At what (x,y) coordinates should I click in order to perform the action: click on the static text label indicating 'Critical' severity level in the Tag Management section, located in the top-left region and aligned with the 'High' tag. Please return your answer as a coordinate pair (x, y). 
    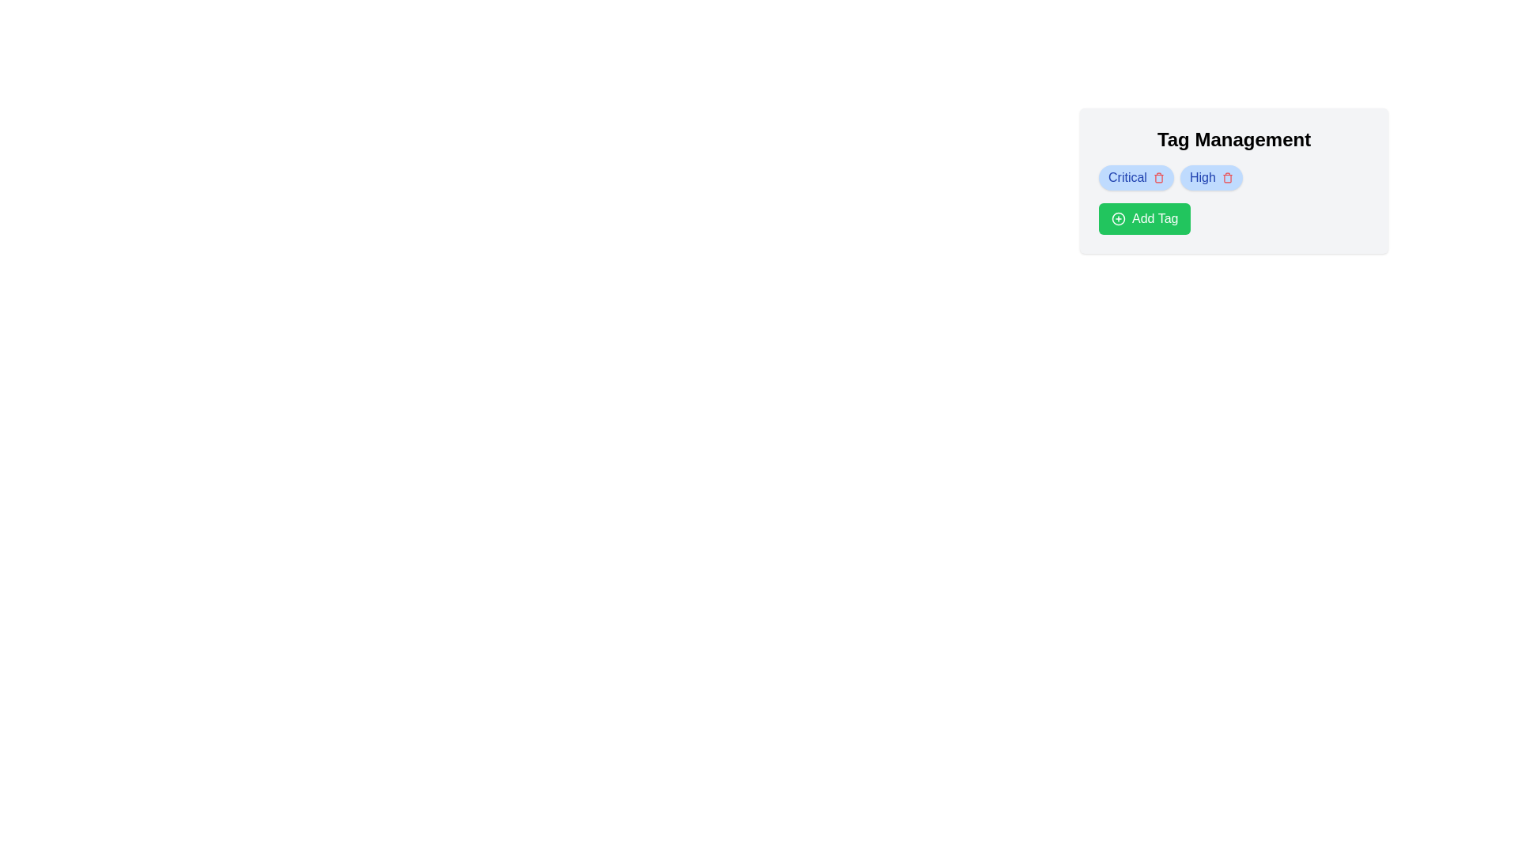
    Looking at the image, I should click on (1127, 177).